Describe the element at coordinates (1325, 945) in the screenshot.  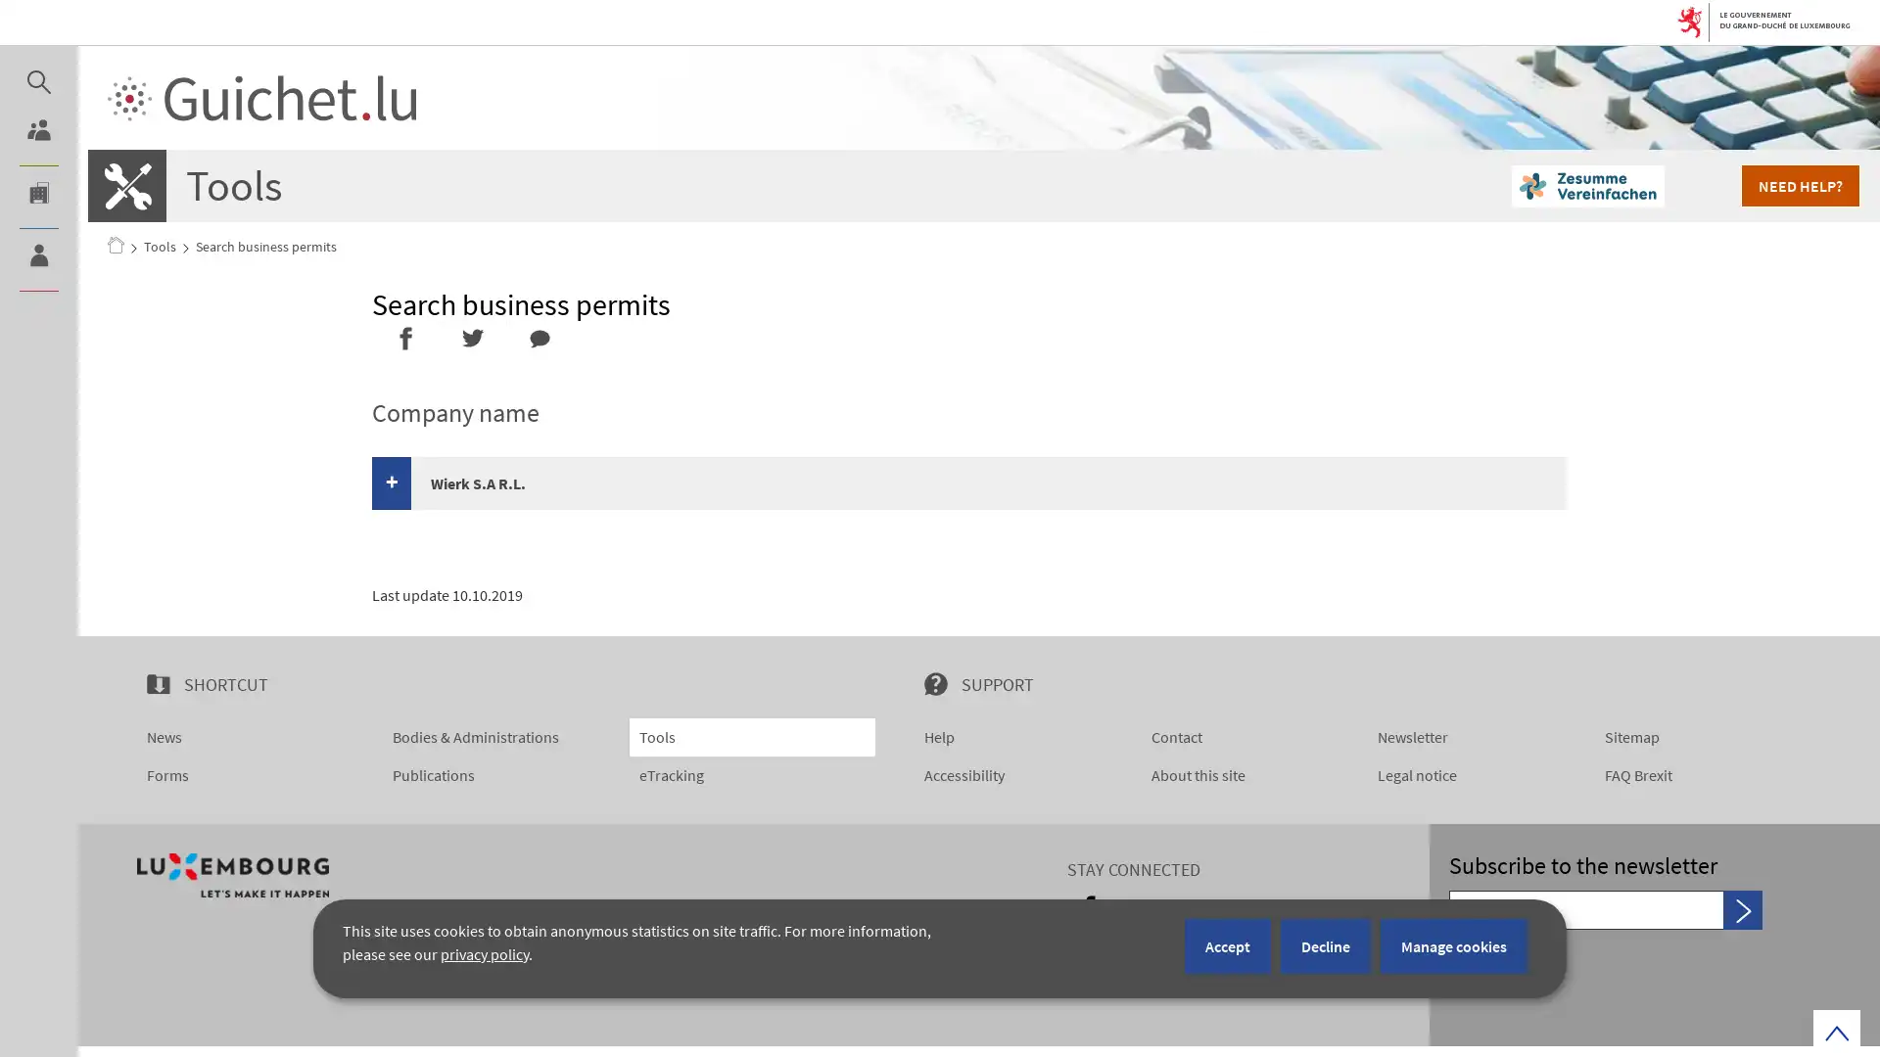
I see `Decline` at that location.